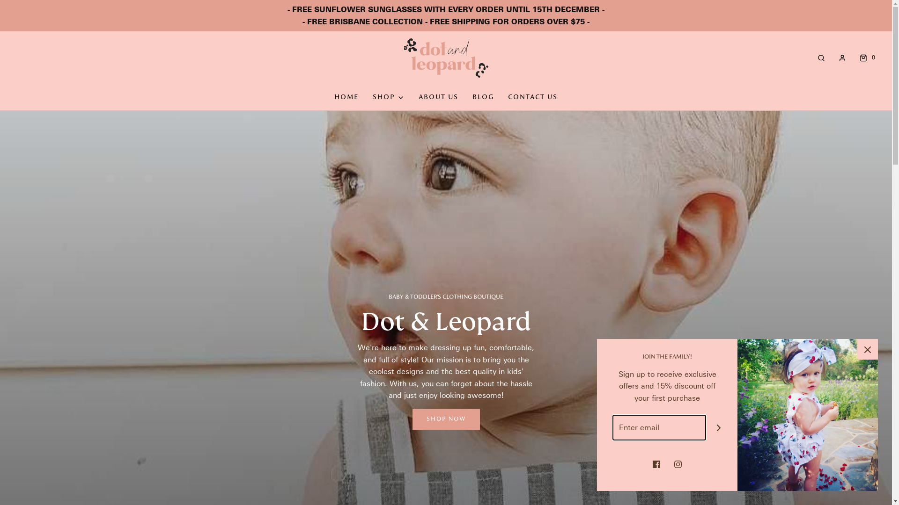 The image size is (899, 505). I want to click on 'BLOG', so click(472, 97).